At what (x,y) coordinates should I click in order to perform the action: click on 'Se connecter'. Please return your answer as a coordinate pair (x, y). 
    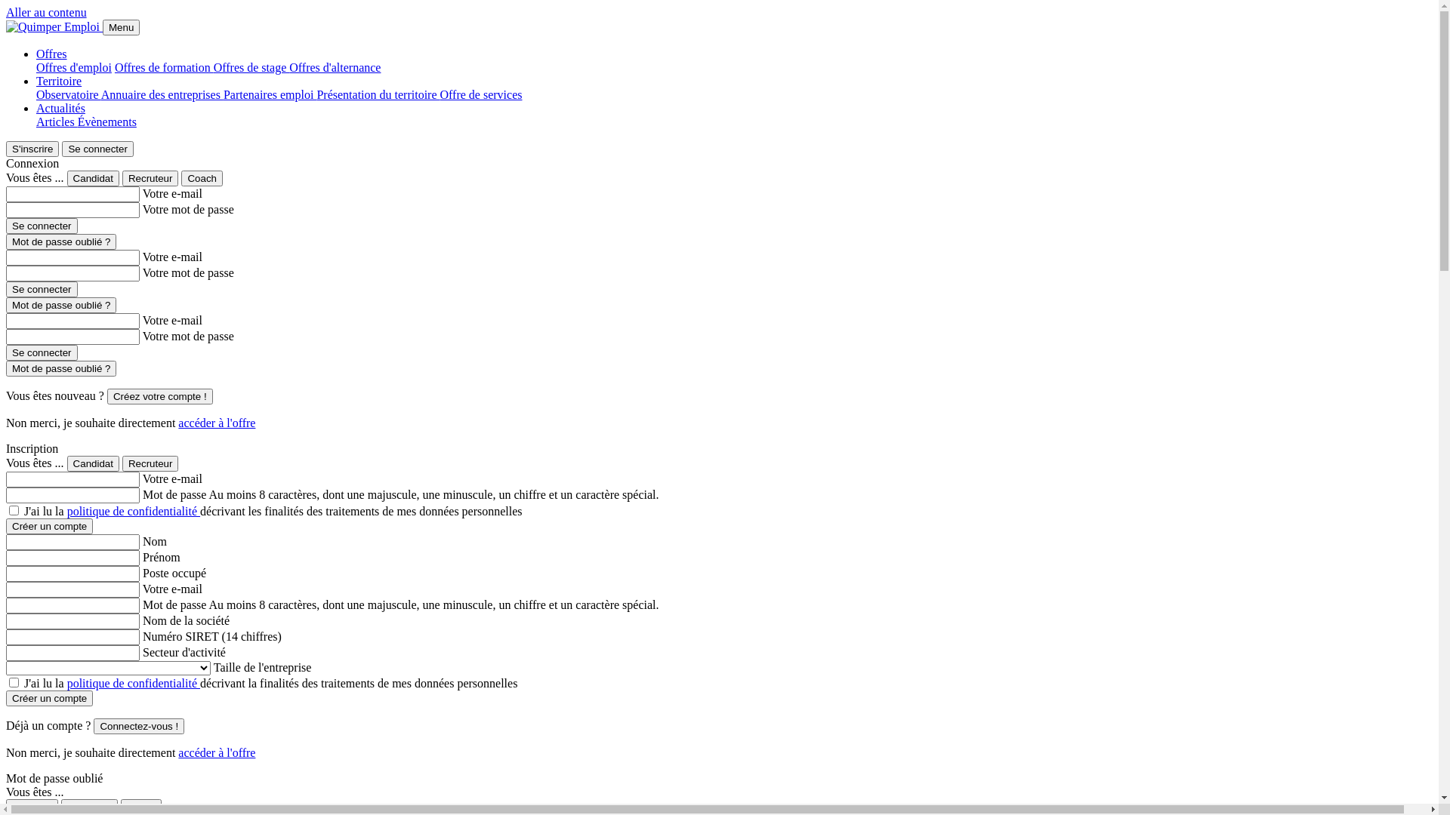
    Looking at the image, I should click on (42, 352).